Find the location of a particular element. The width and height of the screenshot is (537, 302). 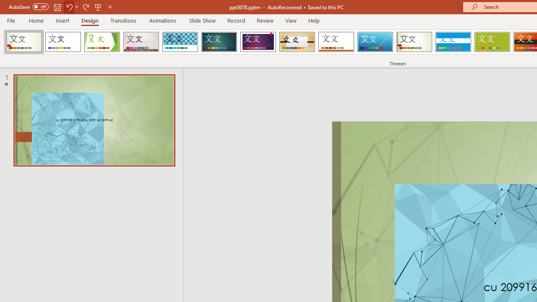

'Organic' is located at coordinates (297, 42).